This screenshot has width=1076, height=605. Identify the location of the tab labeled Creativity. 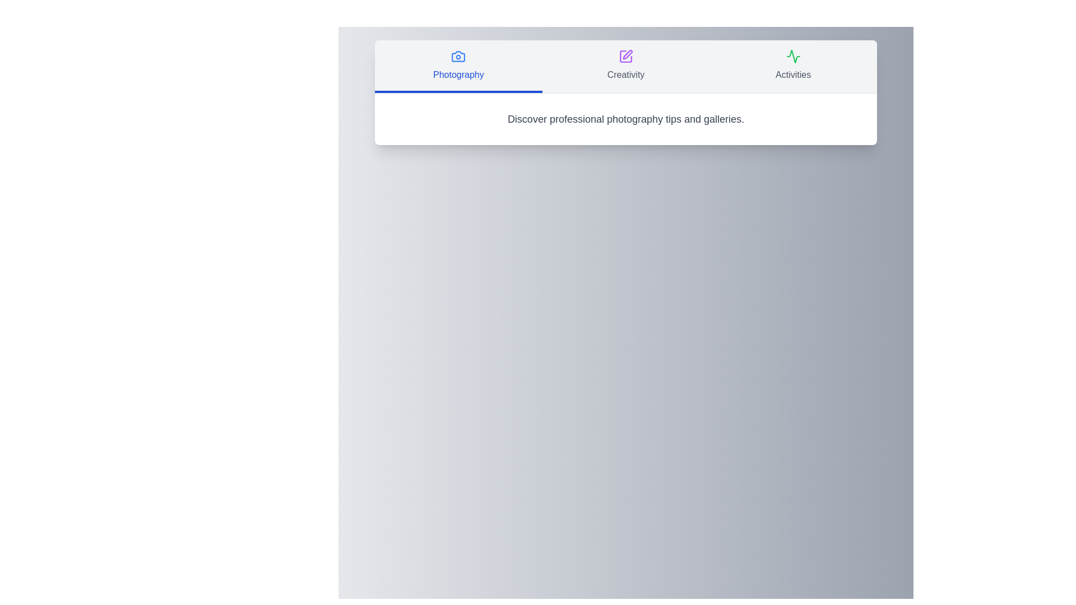
(625, 67).